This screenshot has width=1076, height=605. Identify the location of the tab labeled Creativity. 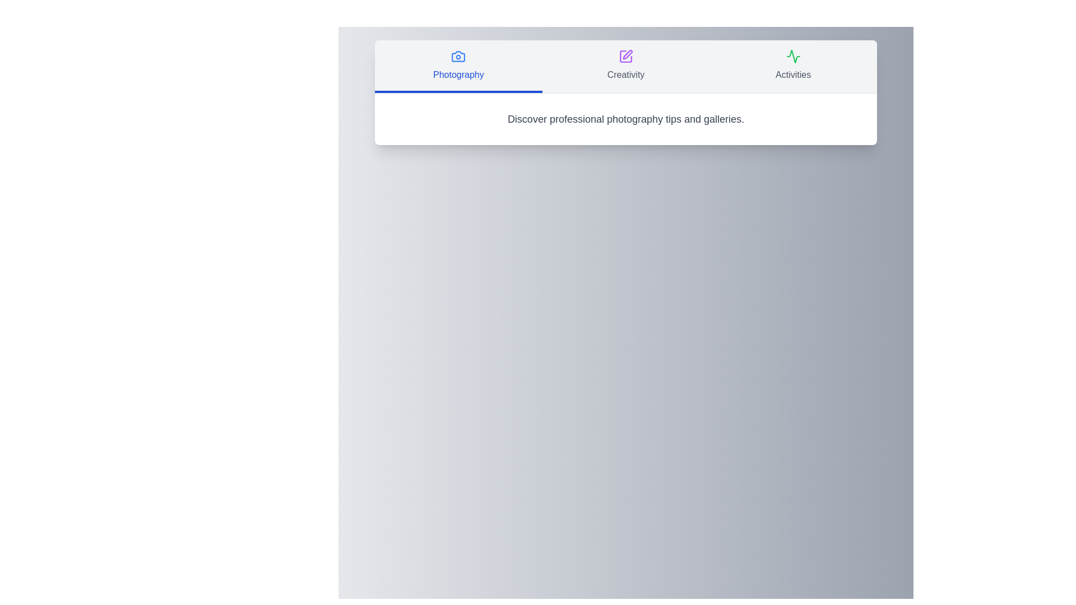
(625, 67).